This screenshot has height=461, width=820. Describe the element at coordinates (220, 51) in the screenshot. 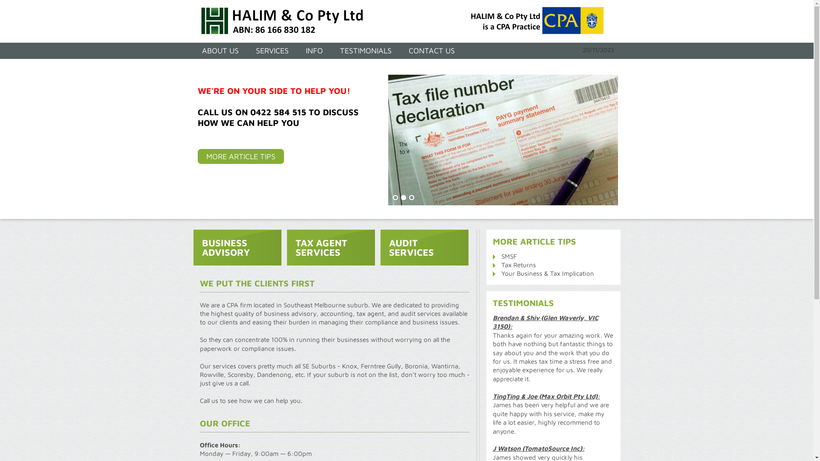

I see `'ABOUT US'` at that location.